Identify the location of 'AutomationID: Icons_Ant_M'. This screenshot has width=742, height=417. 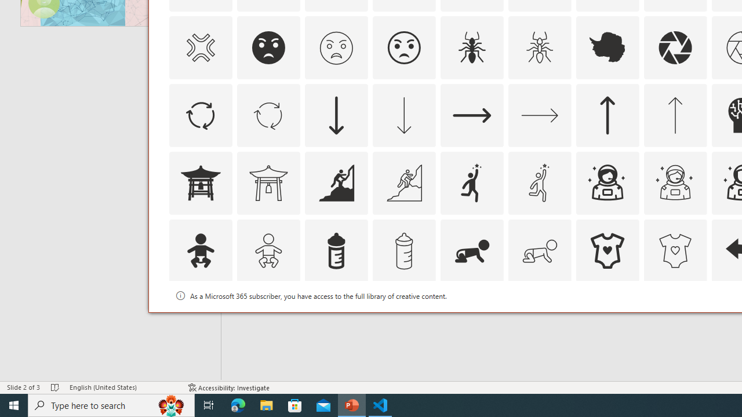
(539, 47).